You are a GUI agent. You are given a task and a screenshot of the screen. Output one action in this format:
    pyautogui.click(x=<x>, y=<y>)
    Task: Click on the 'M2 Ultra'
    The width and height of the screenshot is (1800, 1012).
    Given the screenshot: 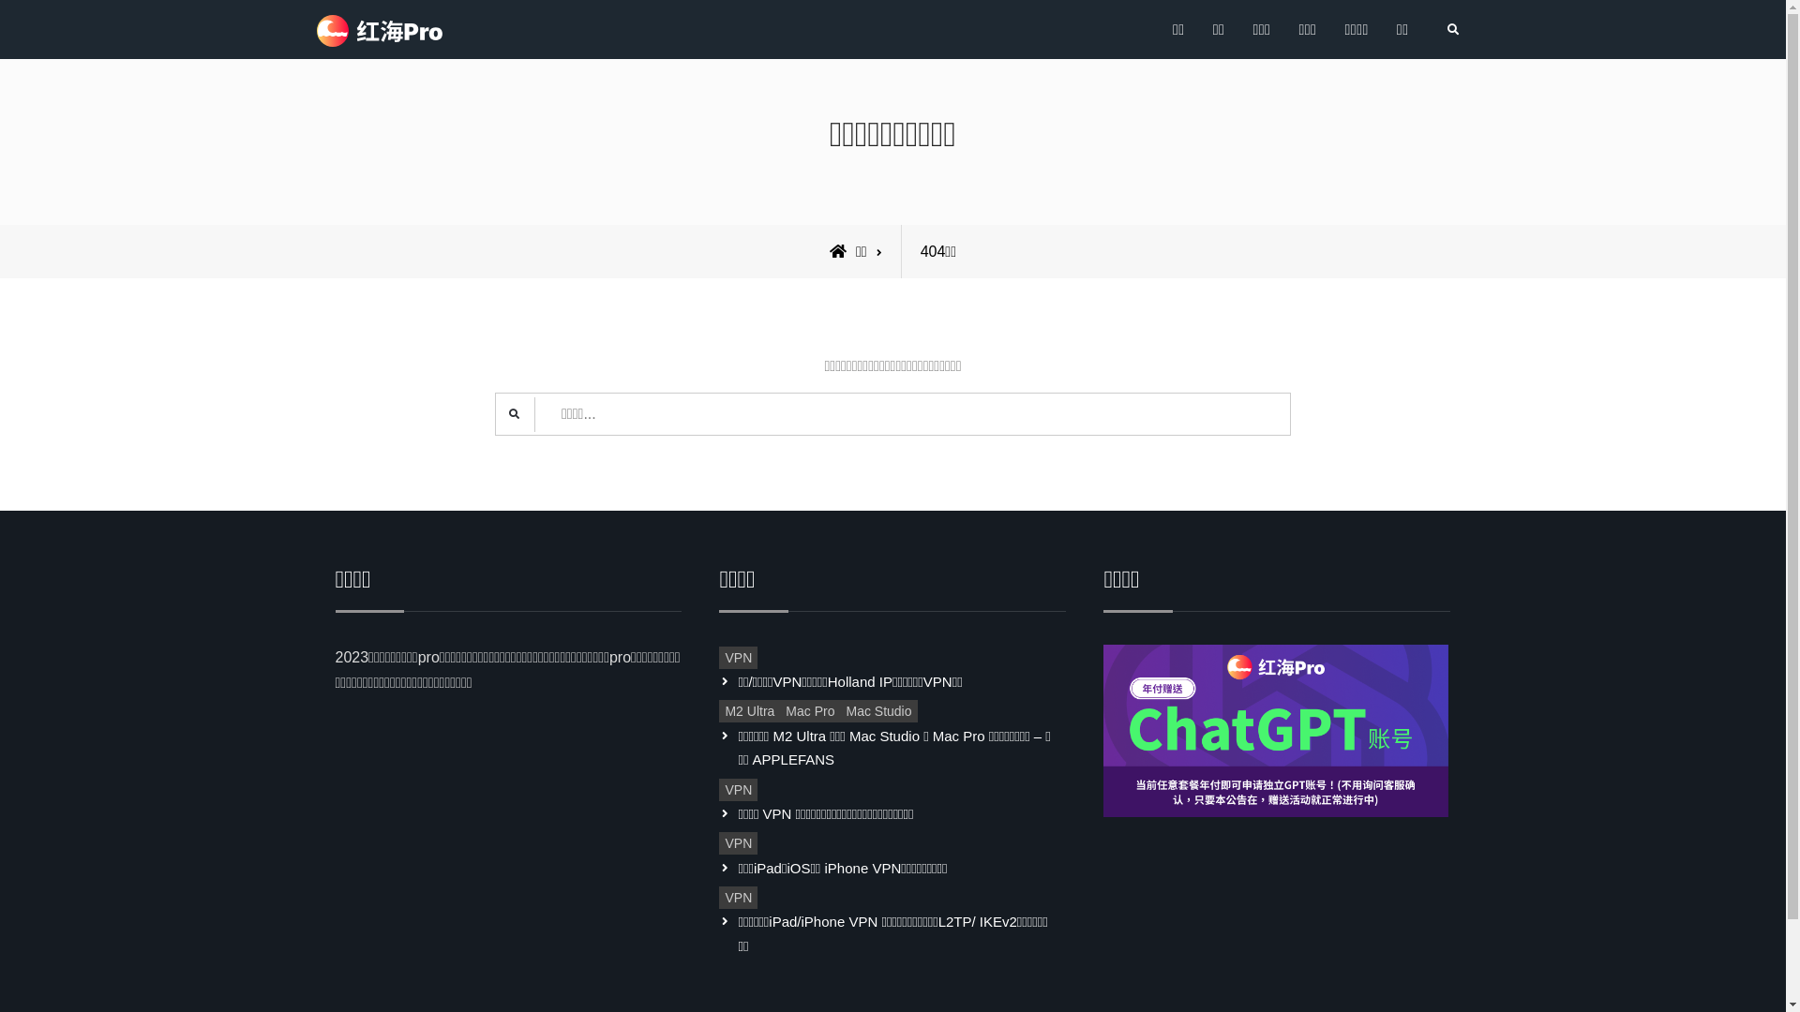 What is the action you would take?
    pyautogui.click(x=748, y=711)
    